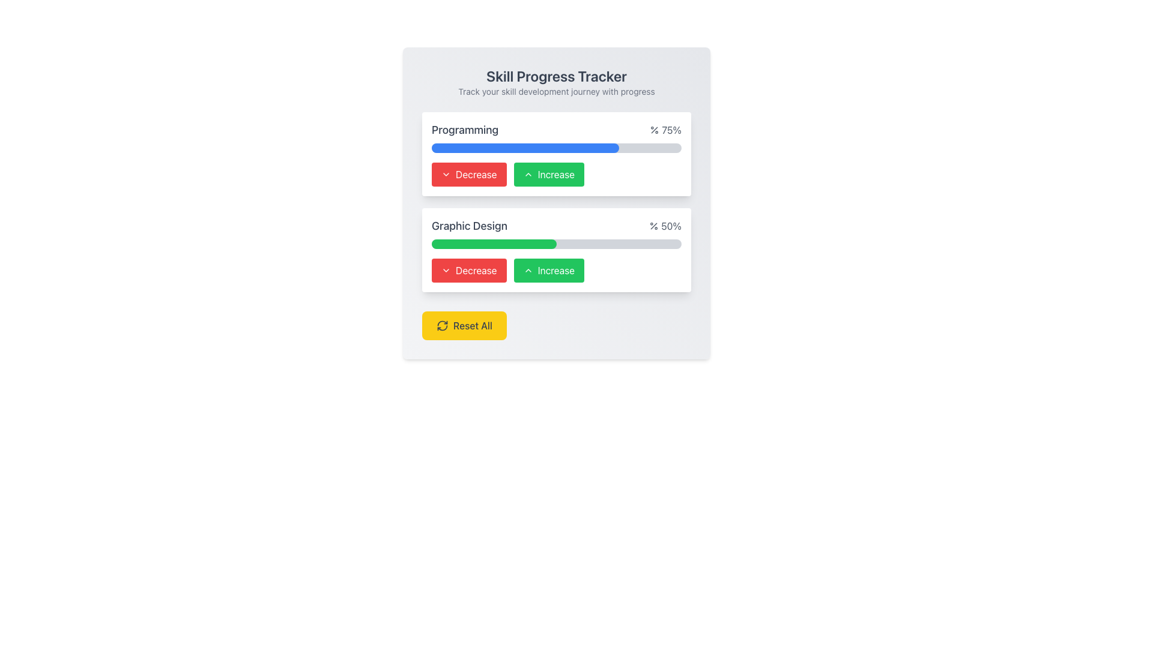 Image resolution: width=1153 pixels, height=648 pixels. What do you see at coordinates (555, 154) in the screenshot?
I see `the blue progress bar in the 'Programming' card-like component` at bounding box center [555, 154].